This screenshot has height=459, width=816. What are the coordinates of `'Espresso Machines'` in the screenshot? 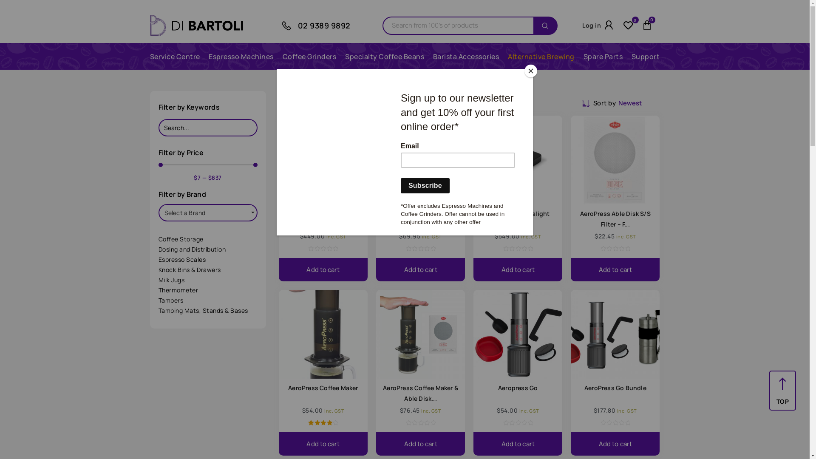 It's located at (241, 56).